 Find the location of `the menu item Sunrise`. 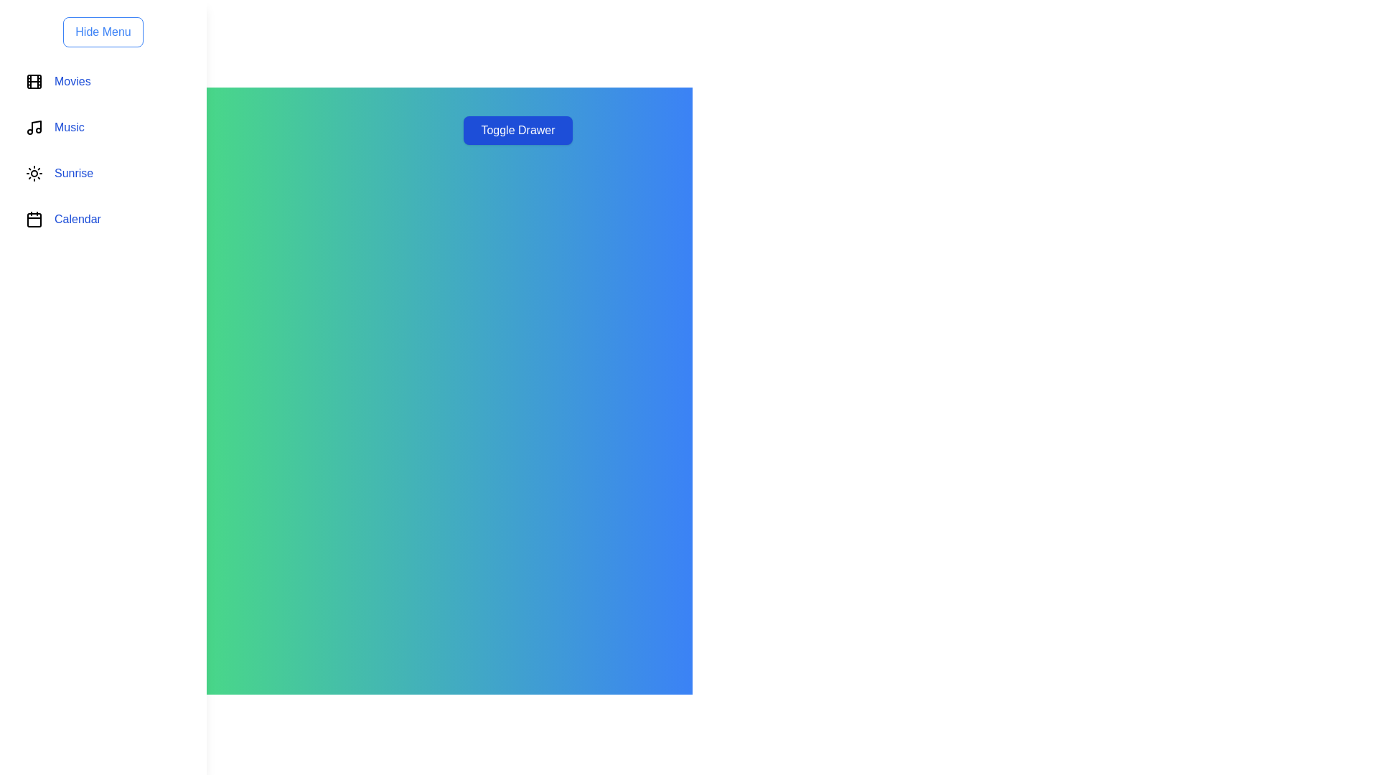

the menu item Sunrise is located at coordinates (103, 173).